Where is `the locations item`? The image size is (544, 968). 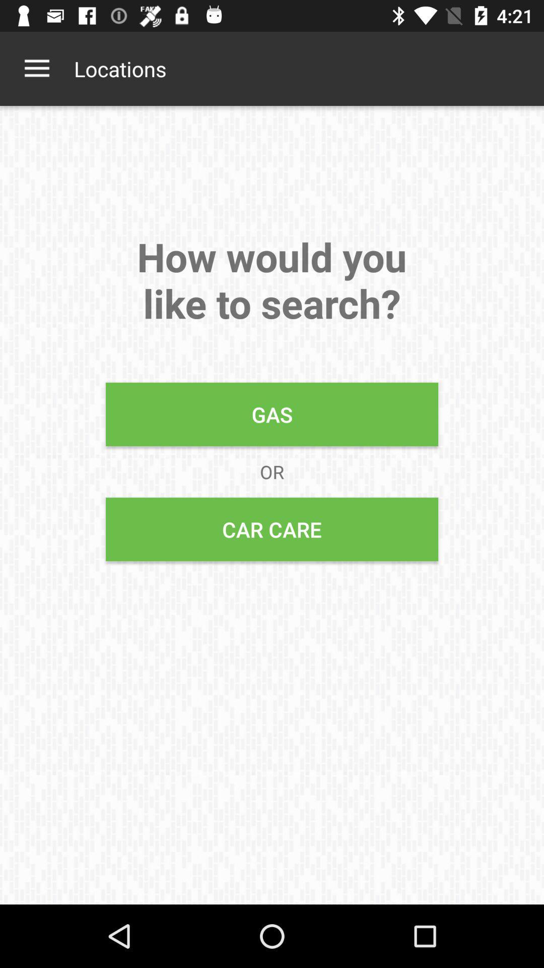
the locations item is located at coordinates (119, 68).